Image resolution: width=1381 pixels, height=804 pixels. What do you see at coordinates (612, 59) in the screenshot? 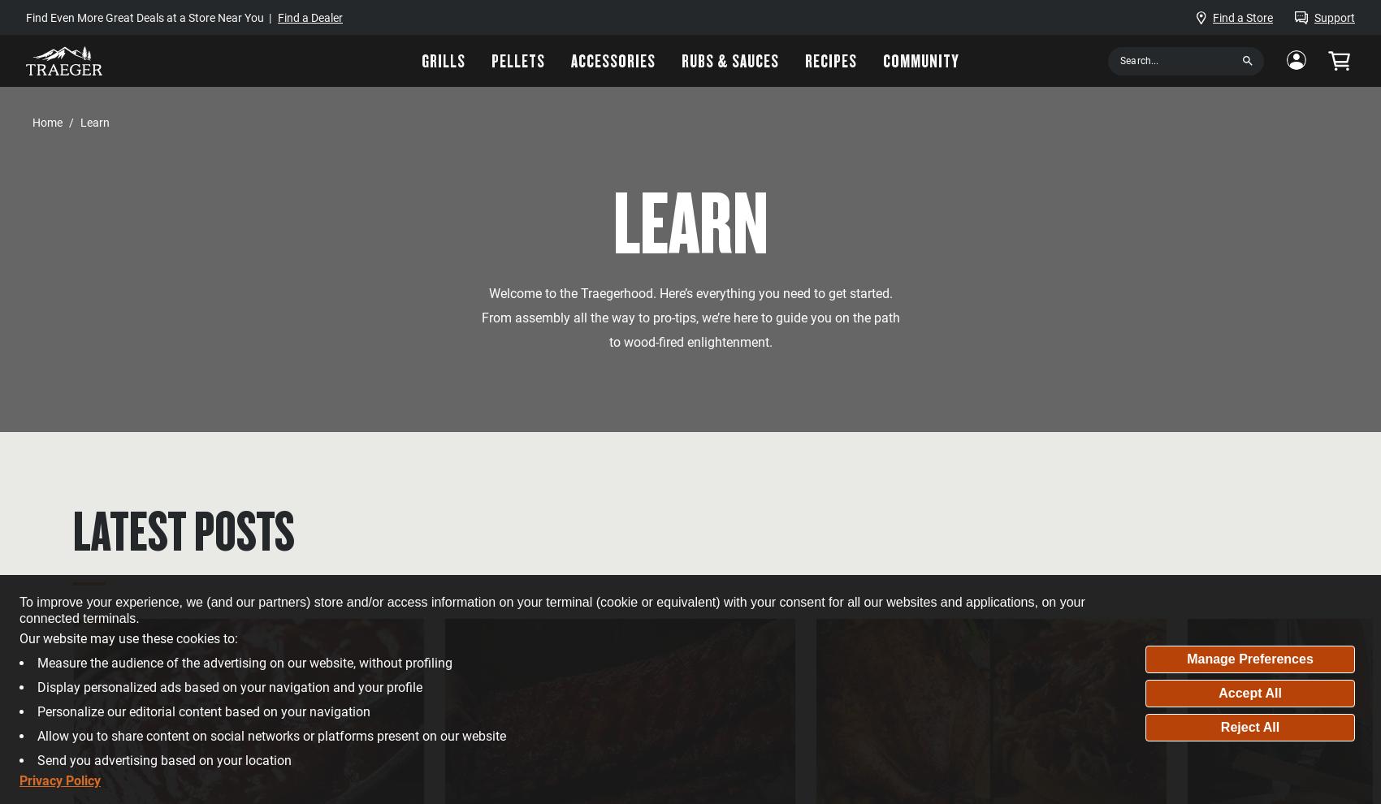
I see `'Accessories'` at bounding box center [612, 59].